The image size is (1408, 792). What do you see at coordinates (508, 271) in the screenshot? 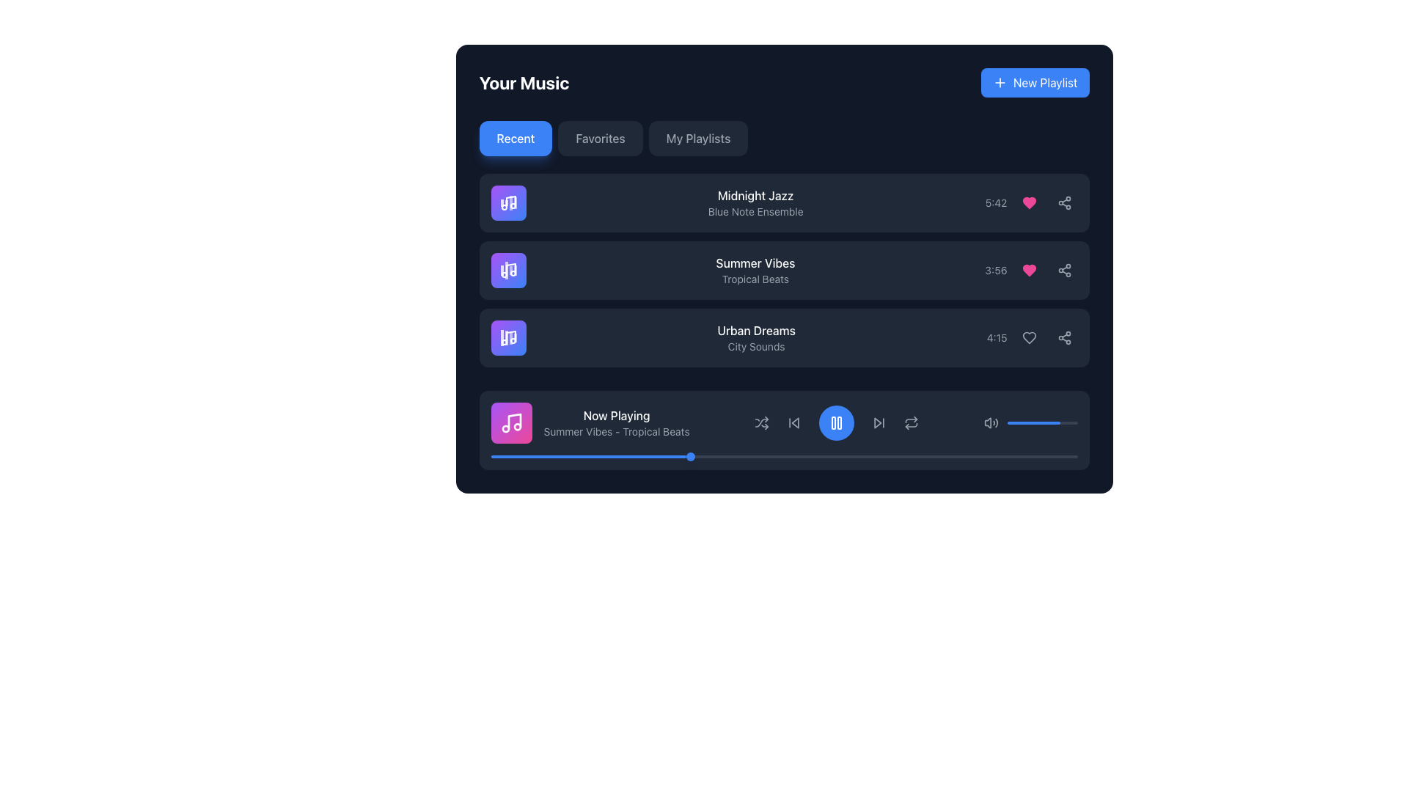
I see `the music note icon, which is white on a purple gradient background and positioned to the left of the text 'Summer Vibes – Tropical Beats' in the second row of the music tracks list` at bounding box center [508, 271].